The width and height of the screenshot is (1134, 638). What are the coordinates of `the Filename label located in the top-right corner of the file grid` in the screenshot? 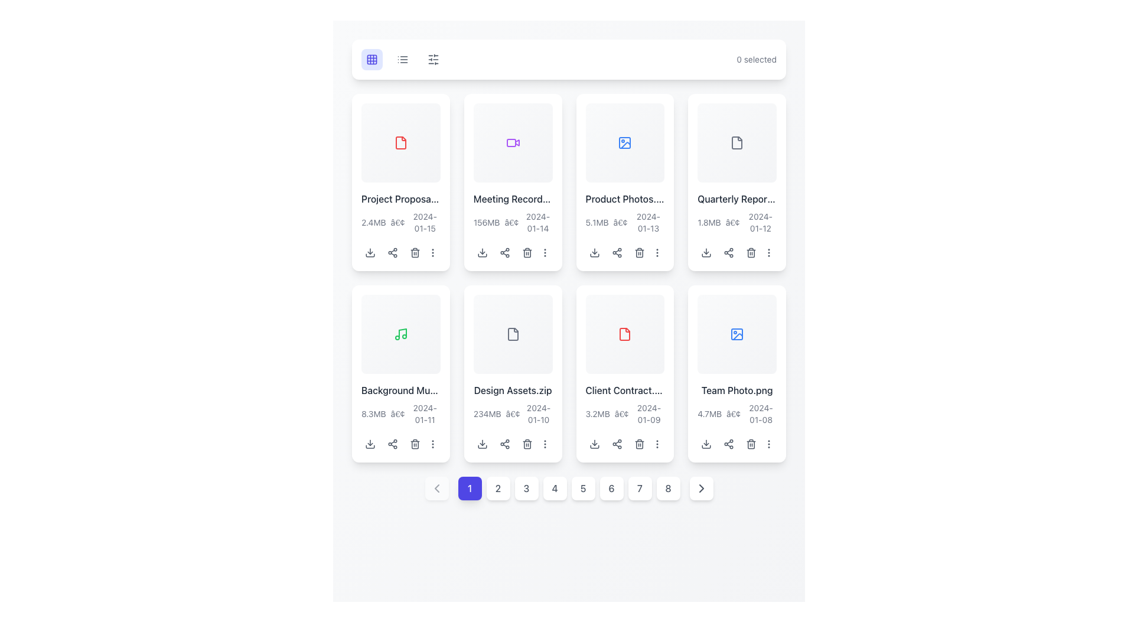 It's located at (737, 198).